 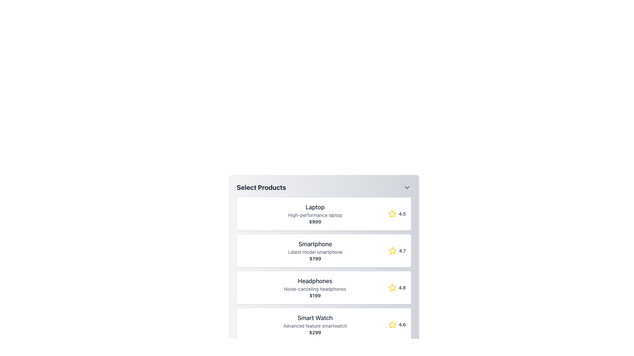 I want to click on the star-shaped icon with a yellow border, which is located to the left of the numeric rating value '4.7' in the Smartphone product section, so click(x=392, y=251).